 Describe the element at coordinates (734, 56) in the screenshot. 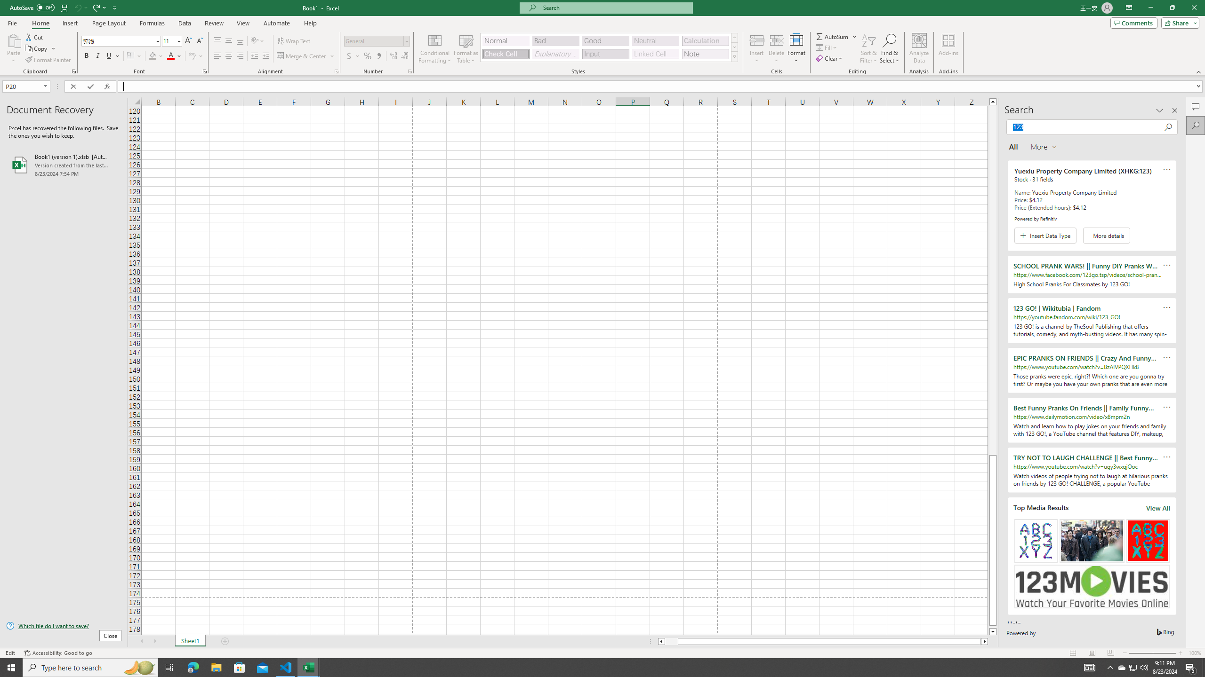

I see `'Class: NetUIImage'` at that location.